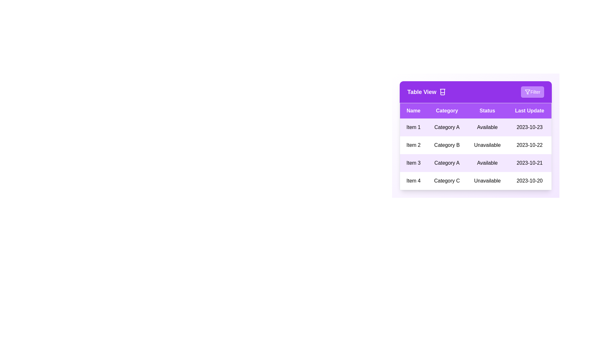 The width and height of the screenshot is (611, 344). What do you see at coordinates (475, 181) in the screenshot?
I see `the row corresponding to 4` at bounding box center [475, 181].